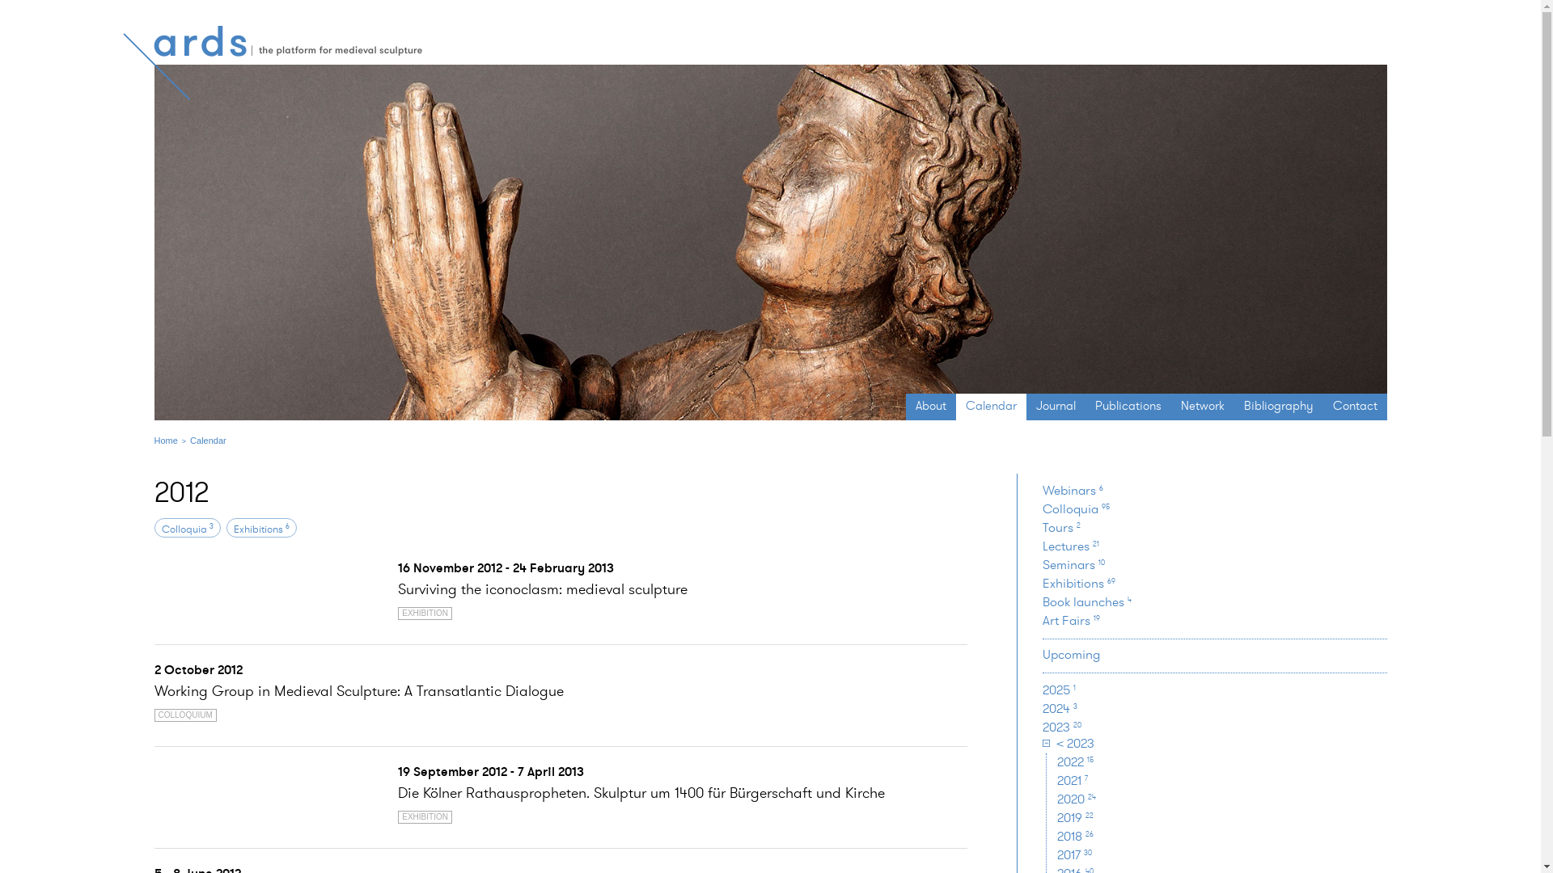  Describe the element at coordinates (1060, 707) in the screenshot. I see `'2024 3'` at that location.